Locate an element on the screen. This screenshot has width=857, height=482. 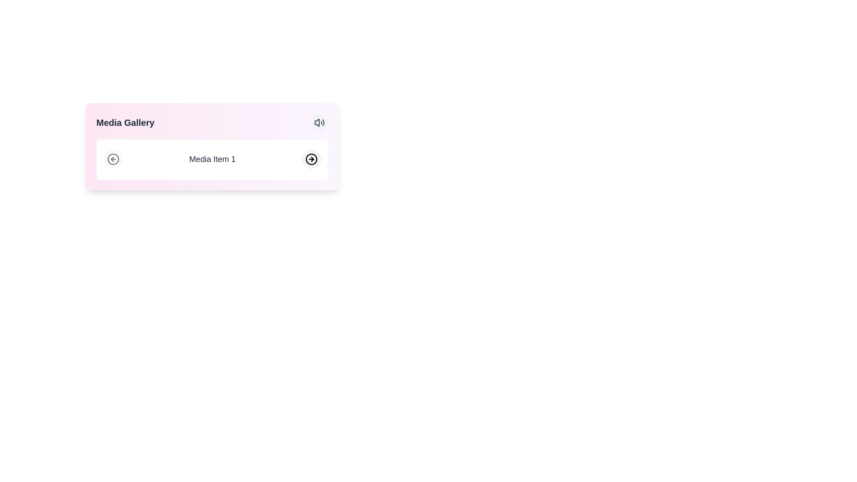
the circular action button located at the far right side of the interactive panel labeled 'Media Item 1' is located at coordinates (311, 159).